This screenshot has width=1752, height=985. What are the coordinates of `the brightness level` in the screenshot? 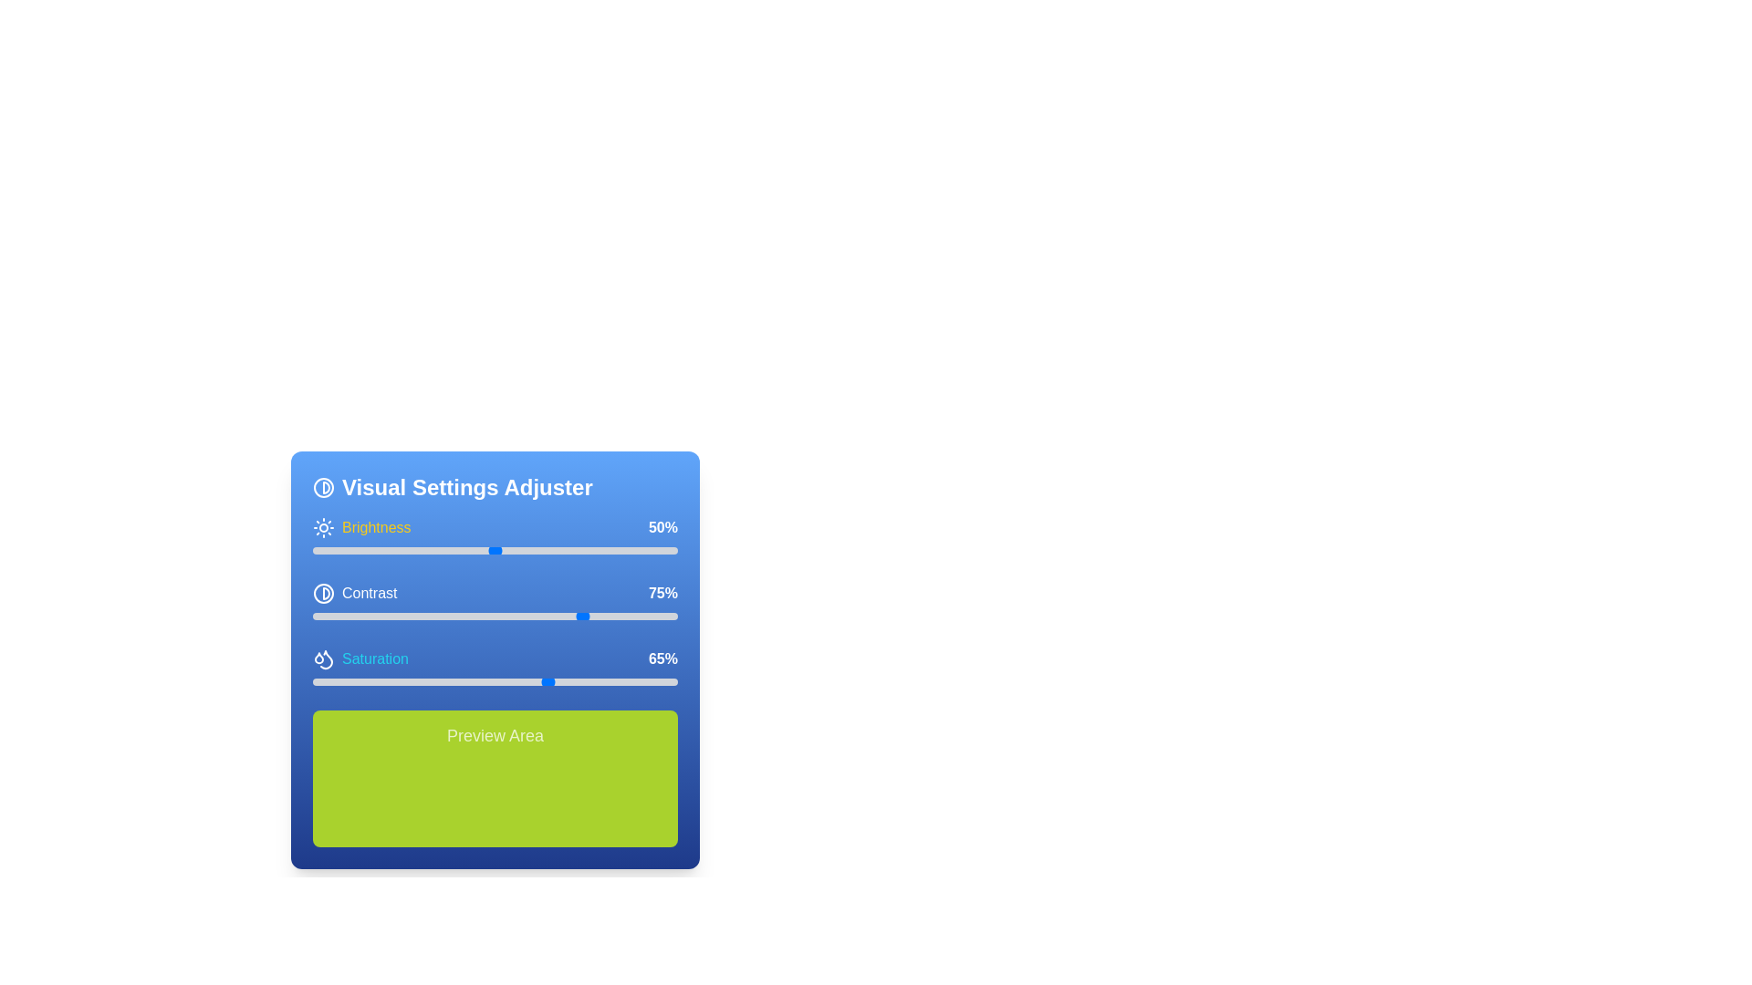 It's located at (524, 550).